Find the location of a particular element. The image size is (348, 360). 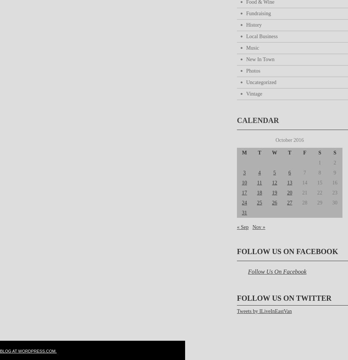

'20' is located at coordinates (289, 193).